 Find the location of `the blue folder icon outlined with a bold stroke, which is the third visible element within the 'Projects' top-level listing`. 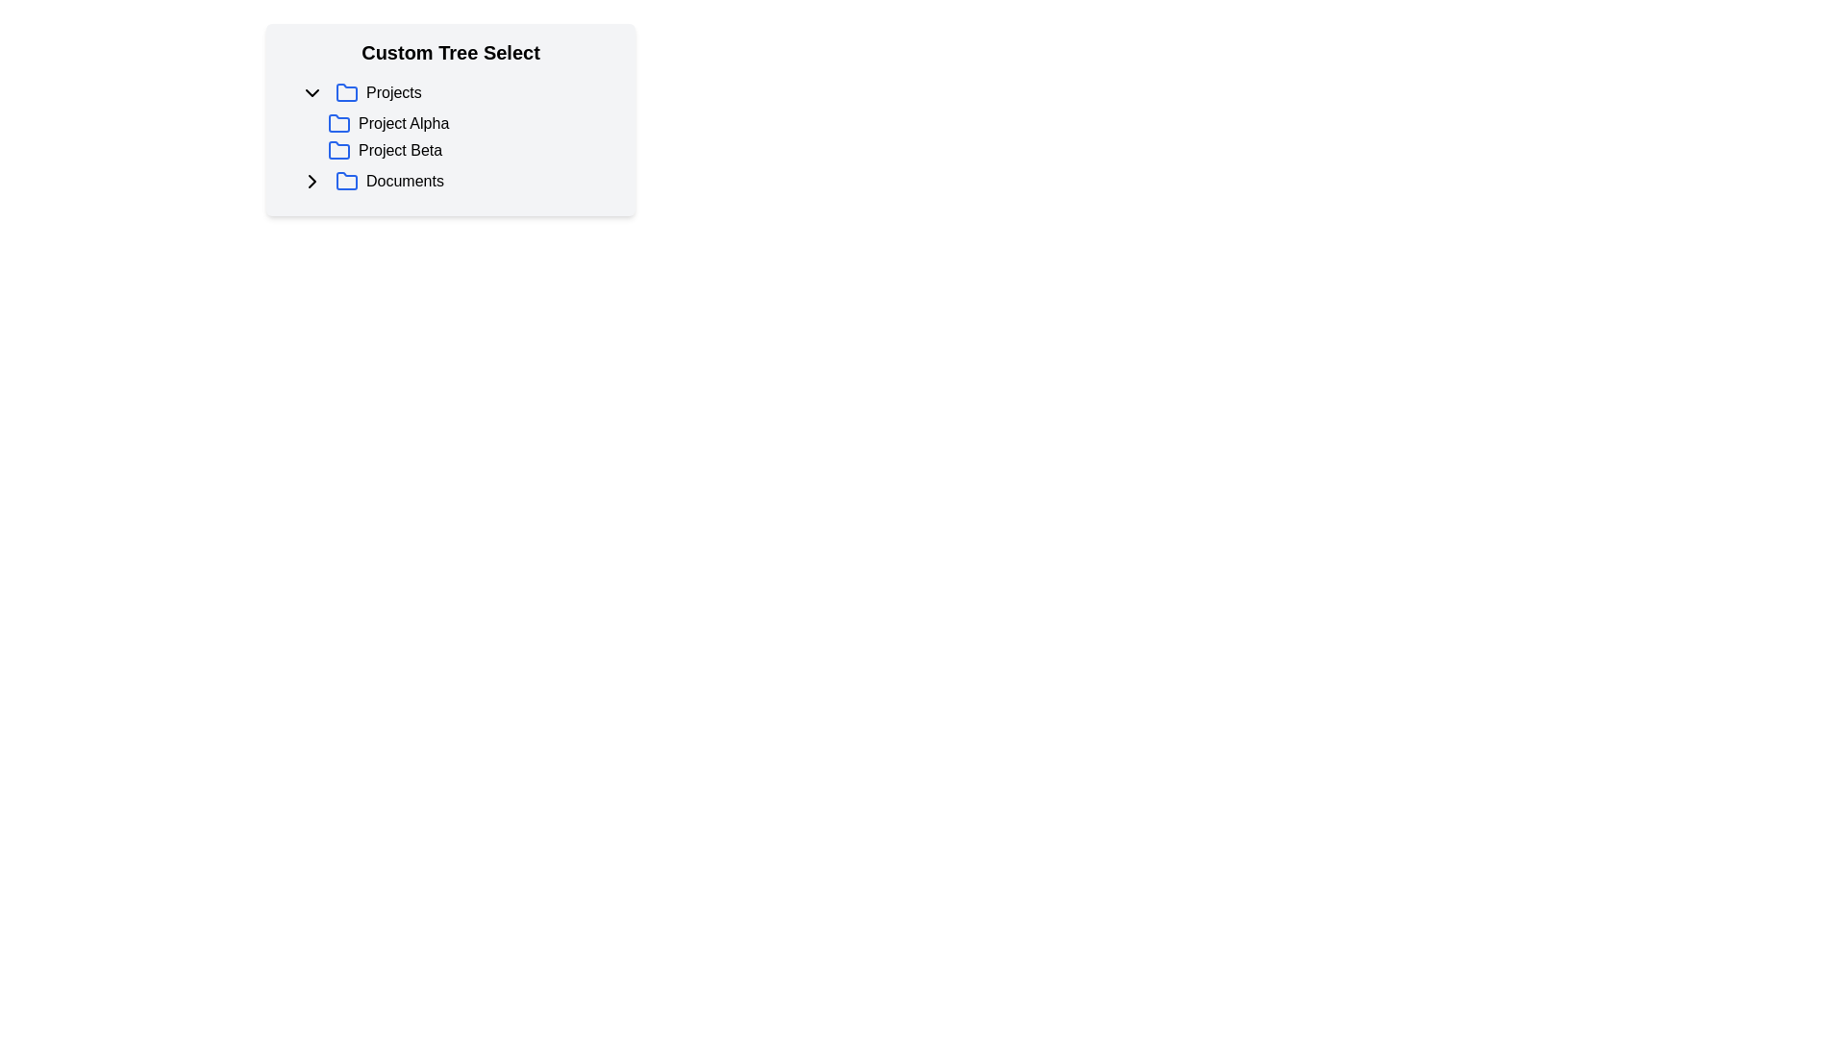

the blue folder icon outlined with a bold stroke, which is the third visible element within the 'Projects' top-level listing is located at coordinates (346, 92).